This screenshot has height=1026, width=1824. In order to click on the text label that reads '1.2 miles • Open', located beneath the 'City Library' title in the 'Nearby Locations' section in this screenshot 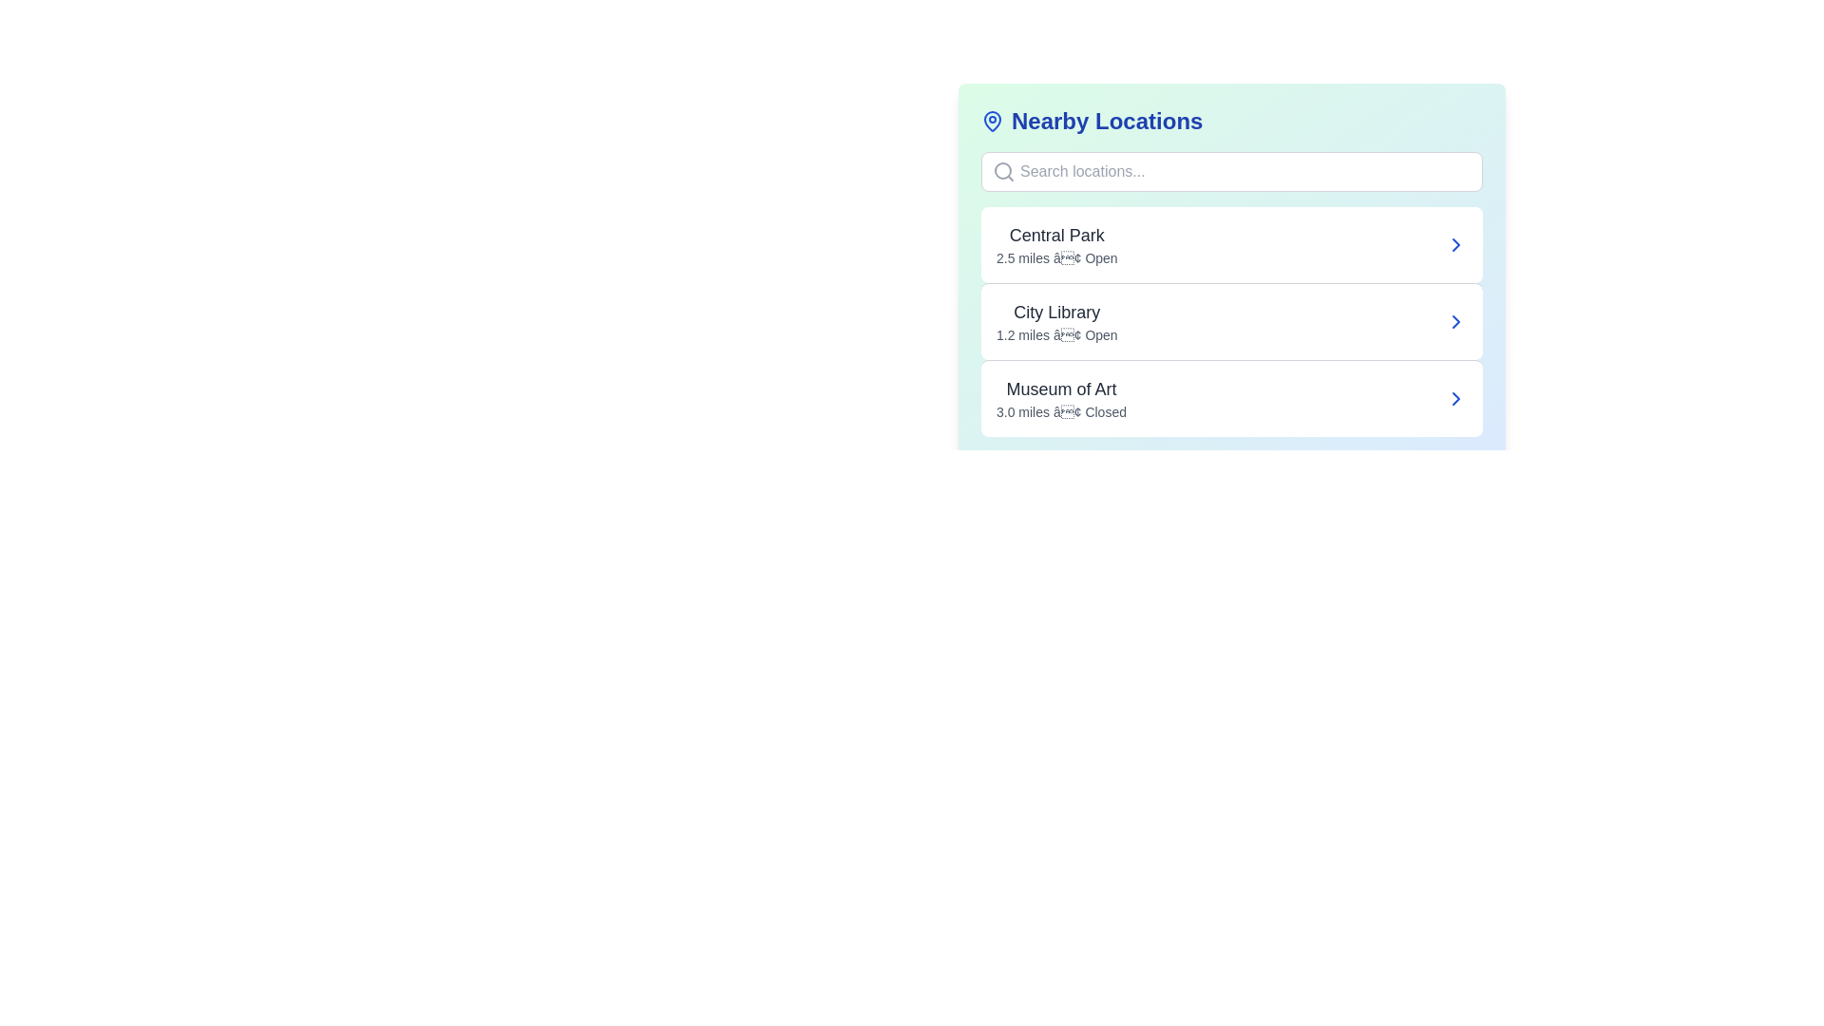, I will do `click(1055, 334)`.